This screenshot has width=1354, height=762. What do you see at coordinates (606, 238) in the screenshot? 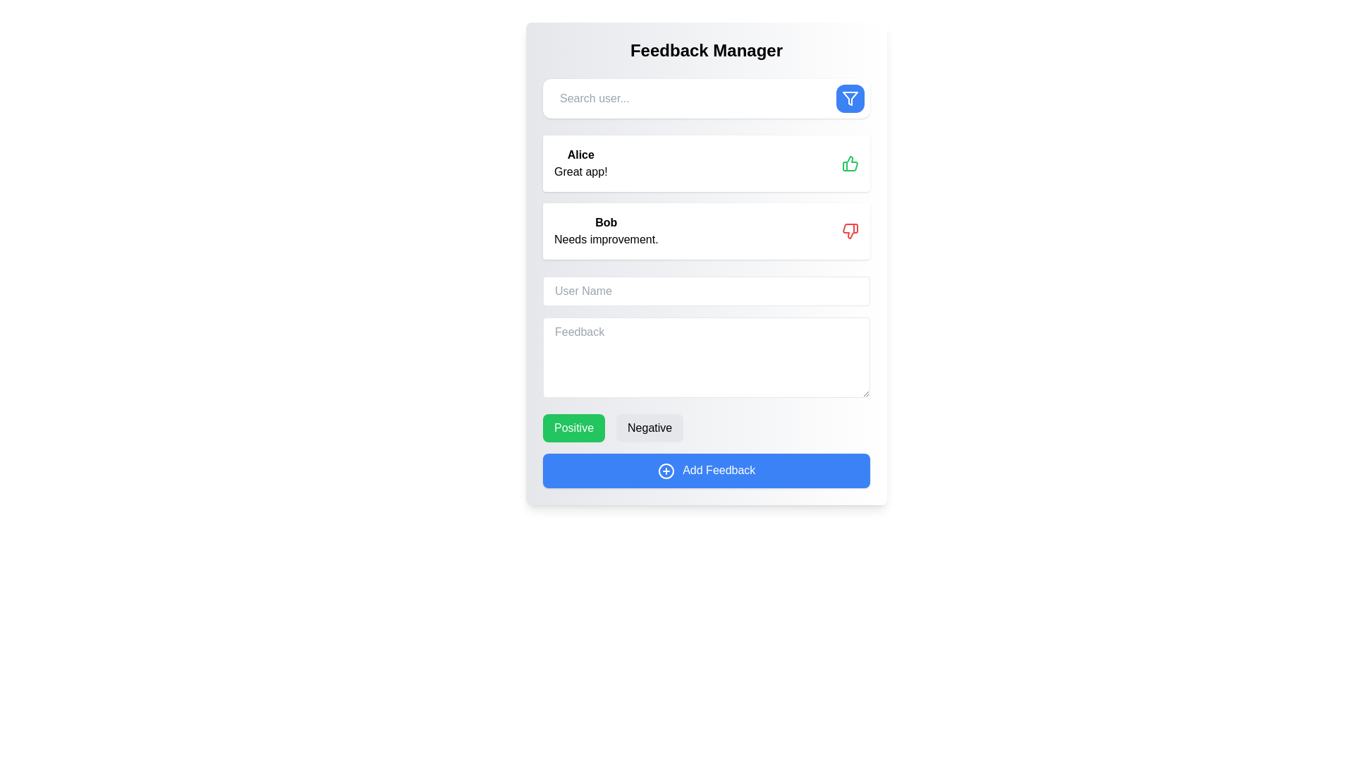
I see `the static text label providing feedback for the user named 'Bob', which displays the text 'Needs improvement.'` at bounding box center [606, 238].